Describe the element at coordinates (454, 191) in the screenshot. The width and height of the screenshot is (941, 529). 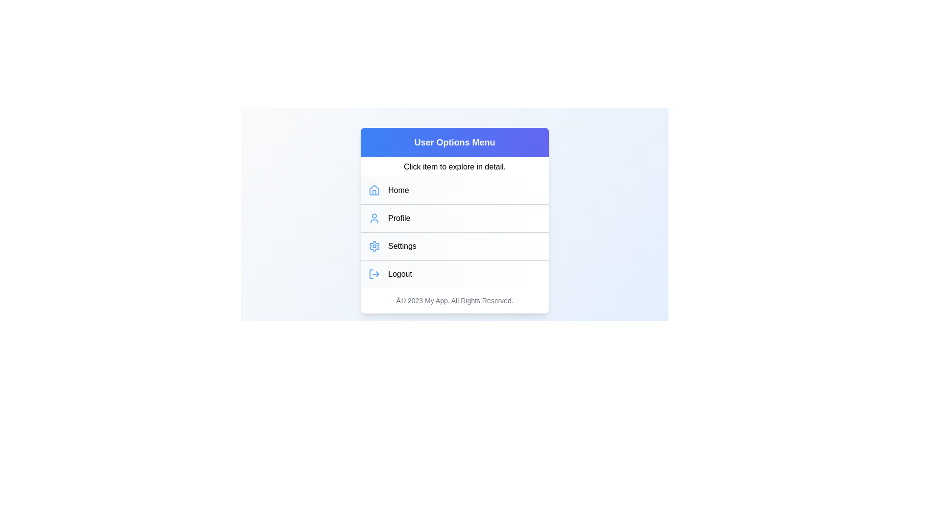
I see `the menu item Home from the UserProfileMenu` at that location.